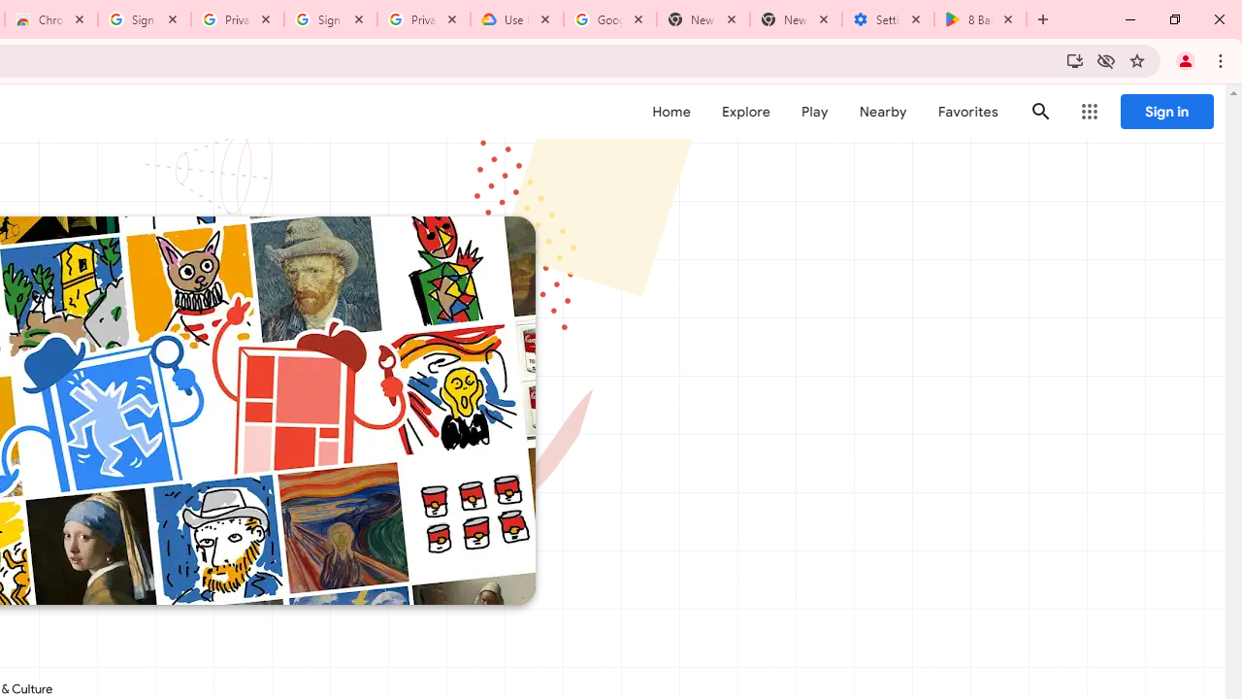 This screenshot has width=1242, height=699. Describe the element at coordinates (980, 19) in the screenshot. I see `'8 Ball Pool - Apps on Google Play'` at that location.